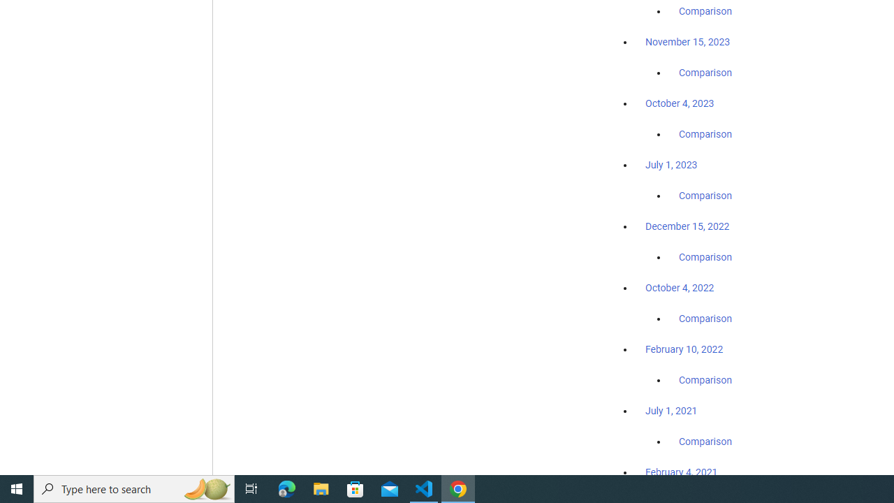 The width and height of the screenshot is (894, 503). Describe the element at coordinates (682, 472) in the screenshot. I see `'February 4, 2021'` at that location.